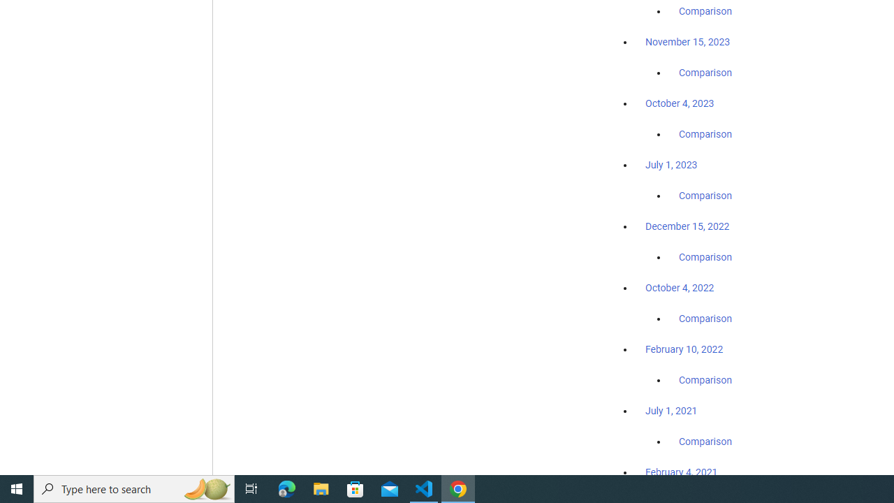 The width and height of the screenshot is (894, 503). Describe the element at coordinates (682, 472) in the screenshot. I see `'February 4, 2021'` at that location.